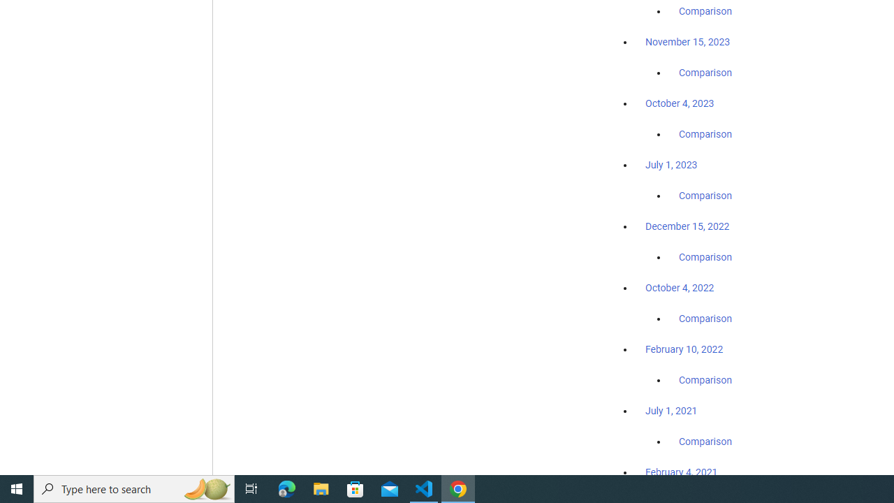 The width and height of the screenshot is (894, 503). Describe the element at coordinates (682, 472) in the screenshot. I see `'February 4, 2021'` at that location.